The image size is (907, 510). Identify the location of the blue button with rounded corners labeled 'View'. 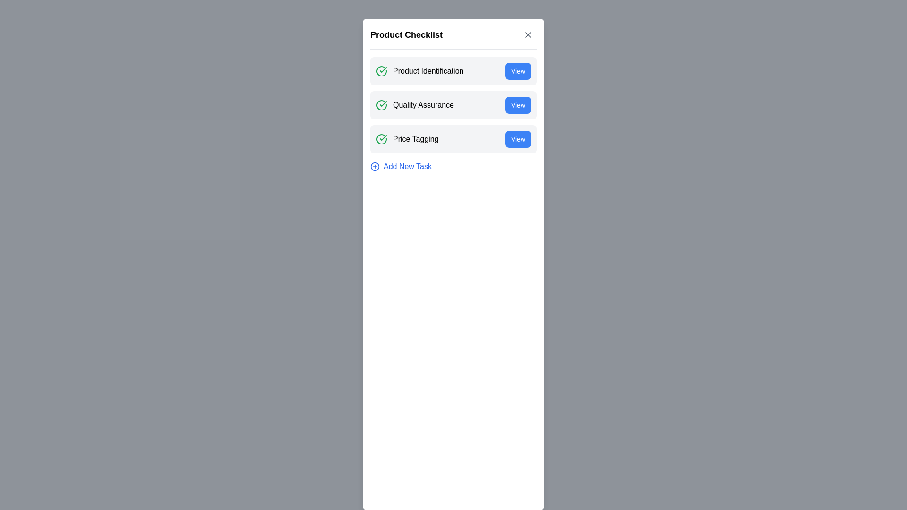
(517, 70).